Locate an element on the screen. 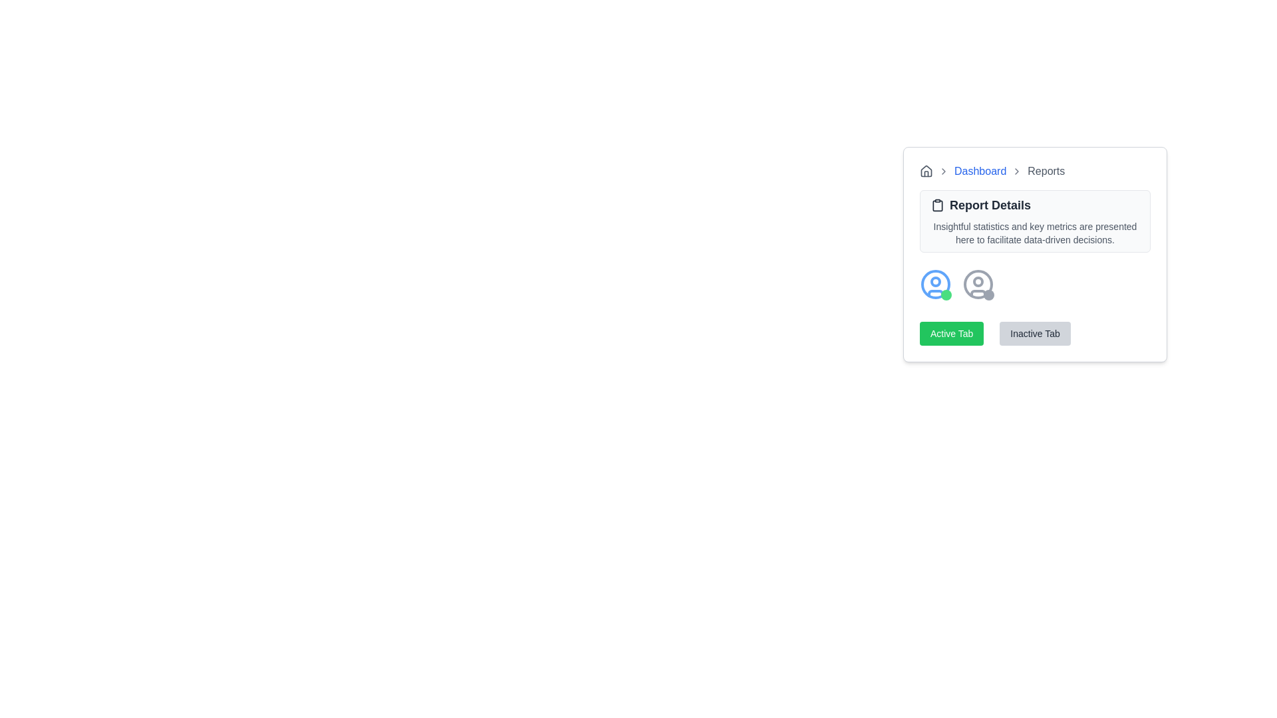  the clipboard icon element that is positioned to the left of the 'Report Details' section header is located at coordinates (937, 205).